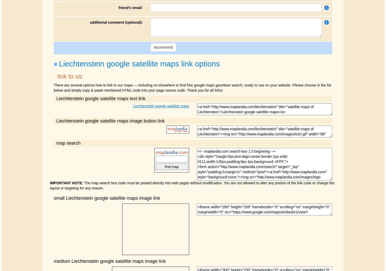 The height and width of the screenshot is (271, 386). I want to click on 'Liechtenstein google satellite maps', so click(133, 106).